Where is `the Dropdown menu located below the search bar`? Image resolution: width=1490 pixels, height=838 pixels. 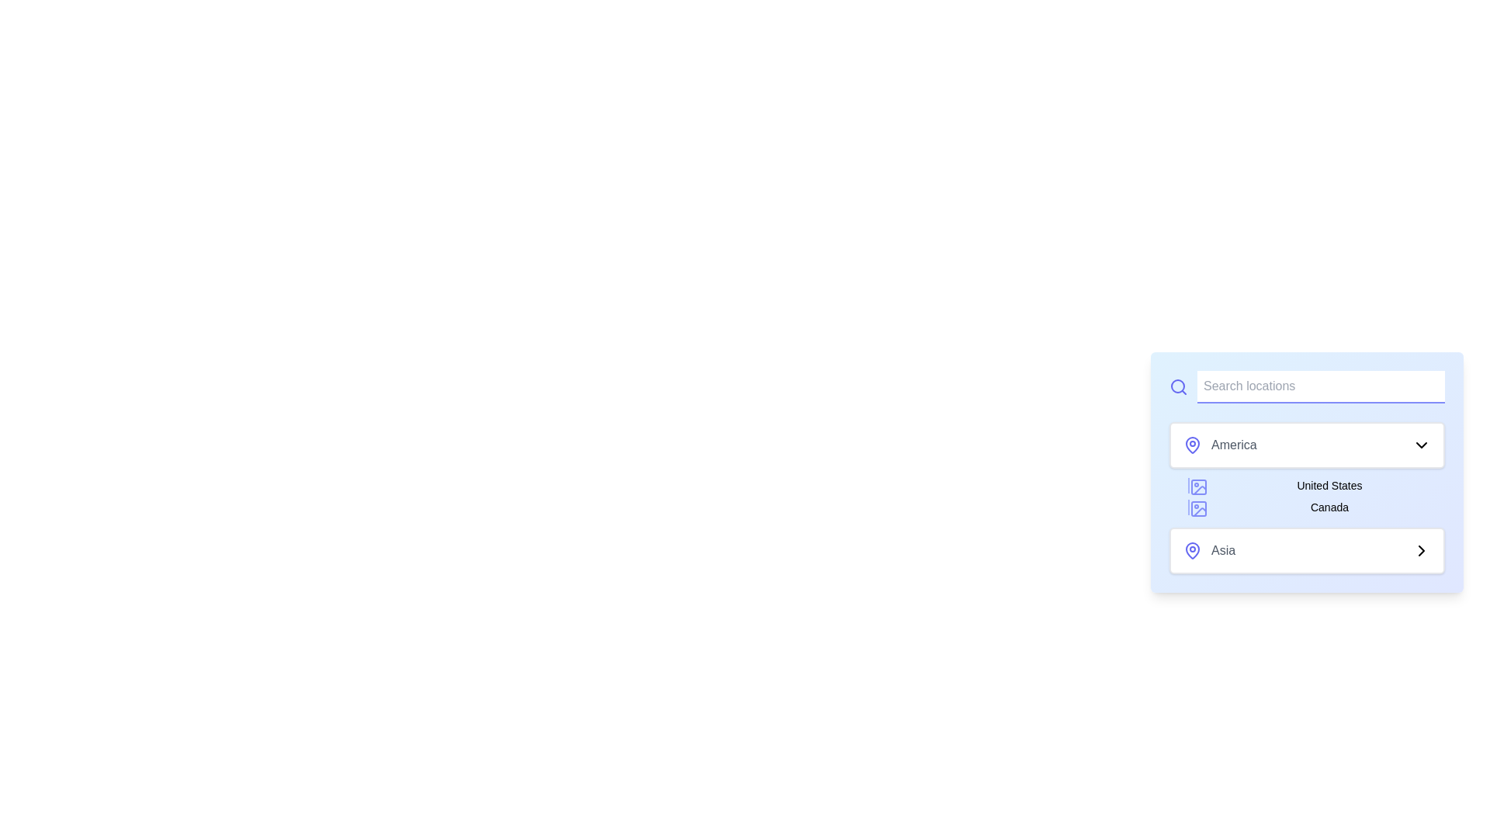
the Dropdown menu located below the search bar is located at coordinates (1306, 468).